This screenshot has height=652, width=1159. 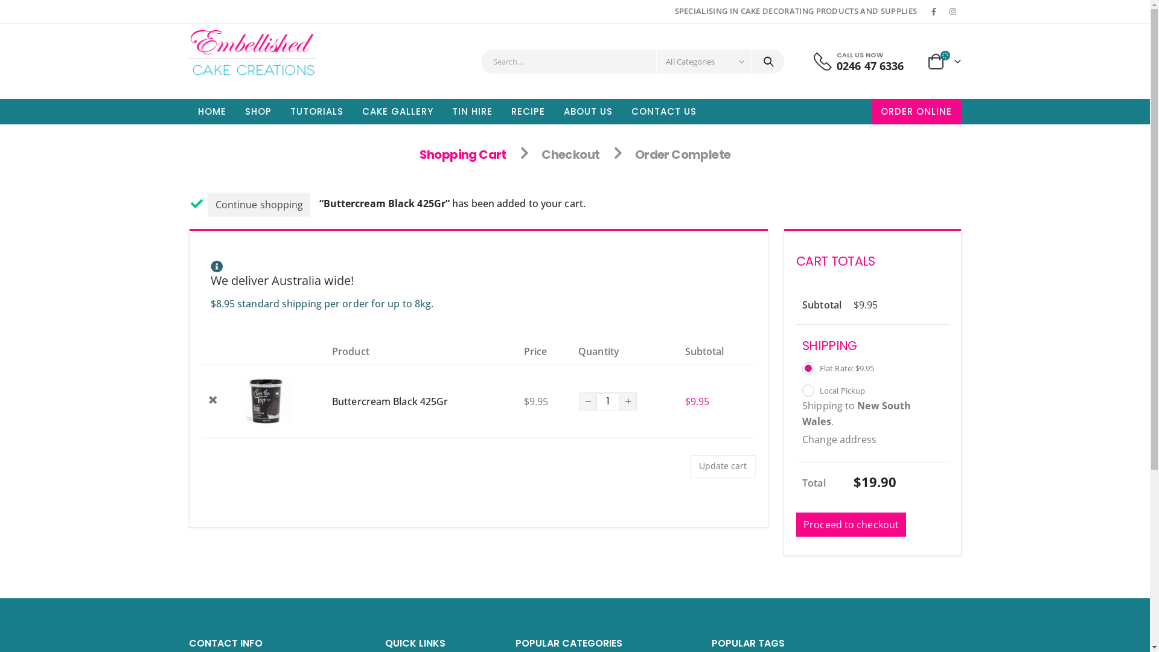 I want to click on 'ABOUT US', so click(x=553, y=112).